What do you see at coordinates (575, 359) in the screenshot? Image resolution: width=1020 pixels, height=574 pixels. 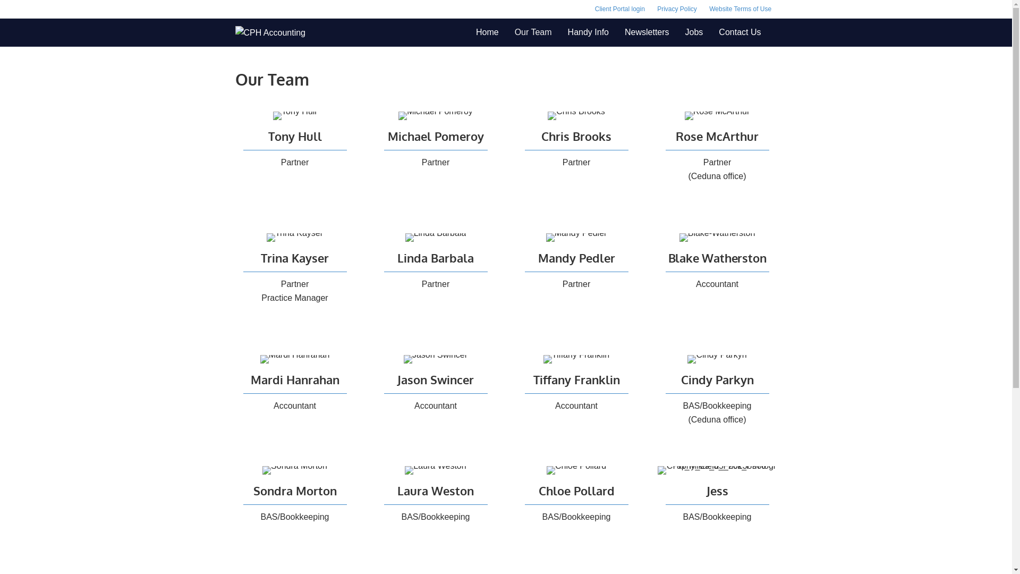 I see `'Tiffany-Franklin'` at bounding box center [575, 359].